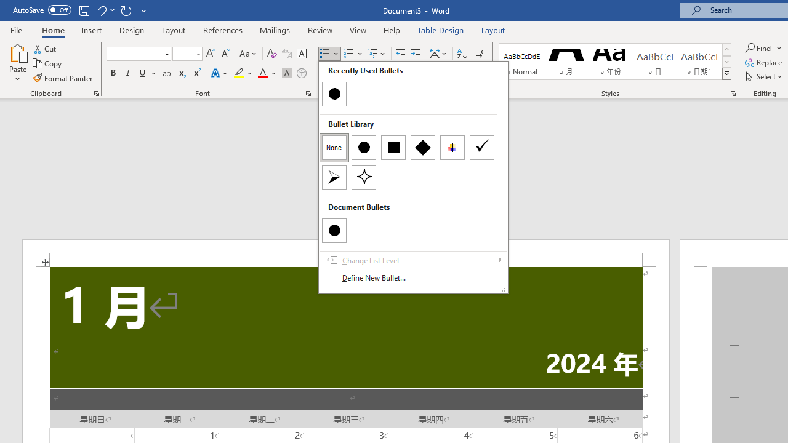  I want to click on 'Change Case', so click(248, 53).